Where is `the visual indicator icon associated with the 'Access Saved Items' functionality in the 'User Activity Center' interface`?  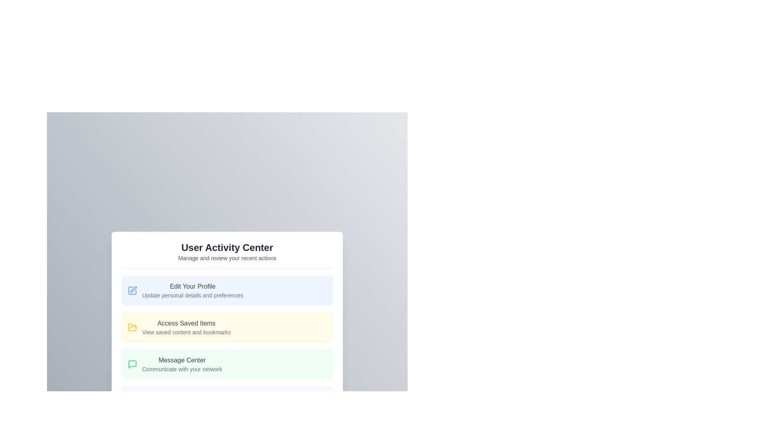 the visual indicator icon associated with the 'Access Saved Items' functionality in the 'User Activity Center' interface is located at coordinates (133, 327).